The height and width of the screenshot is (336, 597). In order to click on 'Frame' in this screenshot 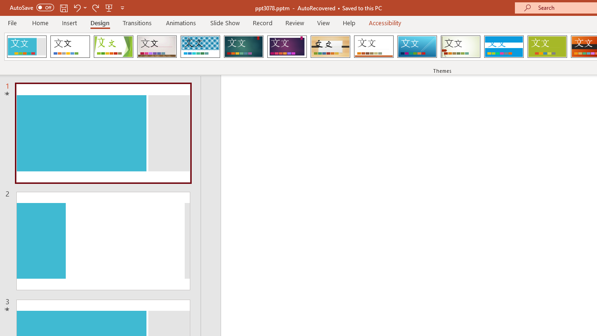, I will do `click(27, 47)`.